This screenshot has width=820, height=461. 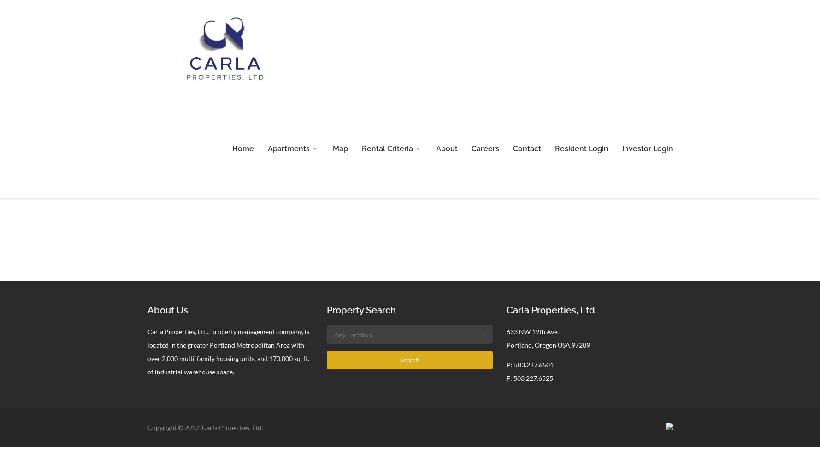 I want to click on 'Copyright © 2017. Carla Properties, Ltd.', so click(x=147, y=427).